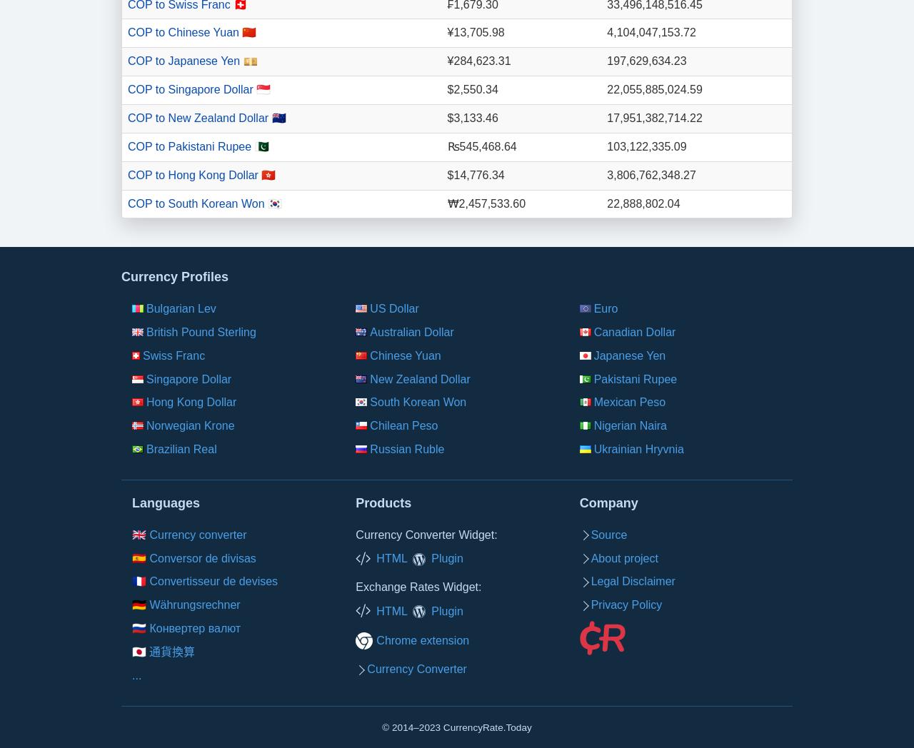 The image size is (914, 748). Describe the element at coordinates (623, 557) in the screenshot. I see `'About project'` at that location.